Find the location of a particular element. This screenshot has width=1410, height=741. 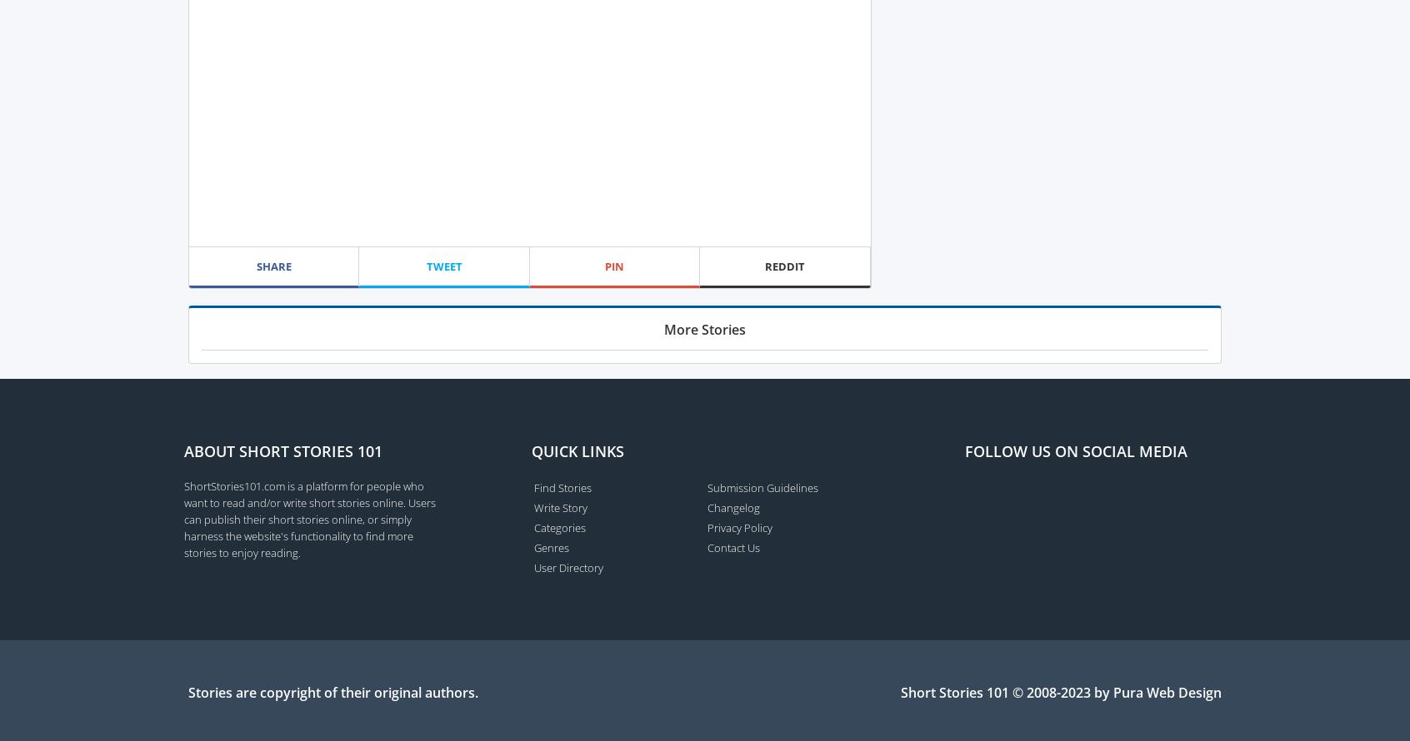

'Categories' is located at coordinates (559, 526).